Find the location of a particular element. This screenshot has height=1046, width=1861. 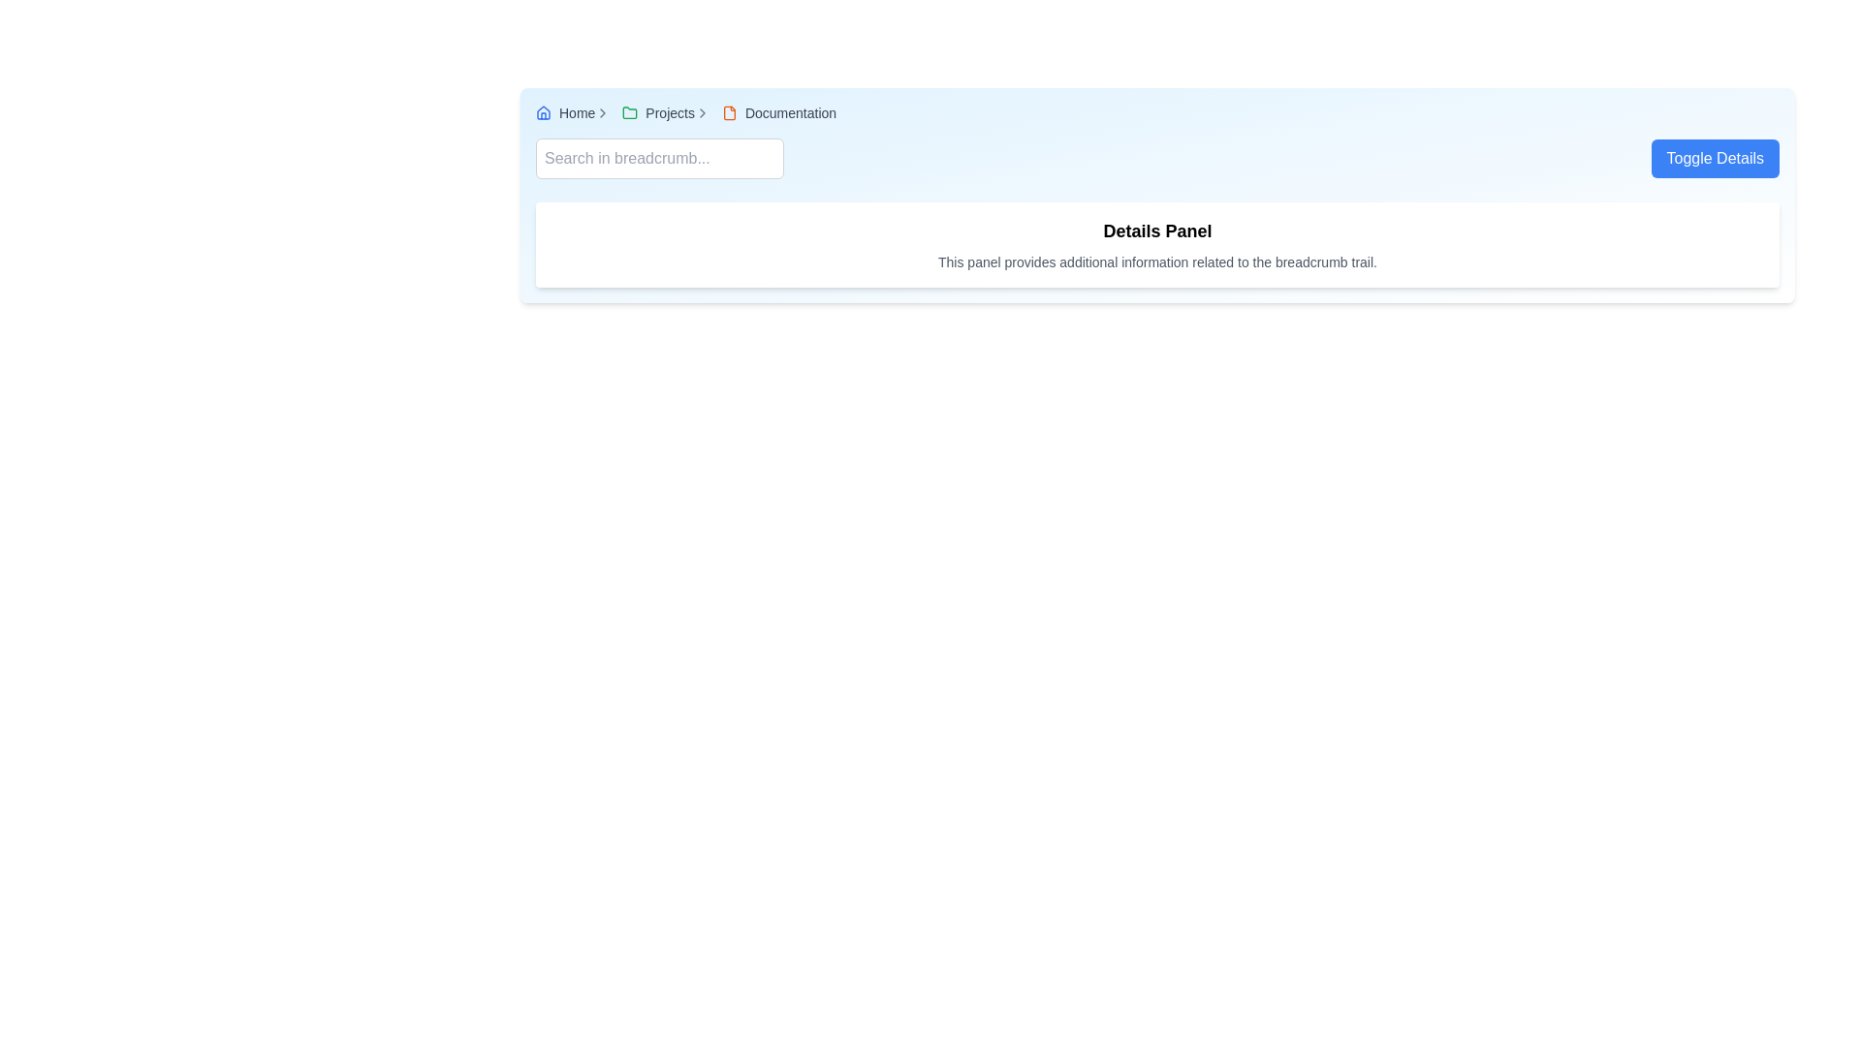

the 'Documentation' text label in the breadcrumb navigation bar, which is the last item in its group, located on the right side after 'Home' and 'Projects' is located at coordinates (791, 112).